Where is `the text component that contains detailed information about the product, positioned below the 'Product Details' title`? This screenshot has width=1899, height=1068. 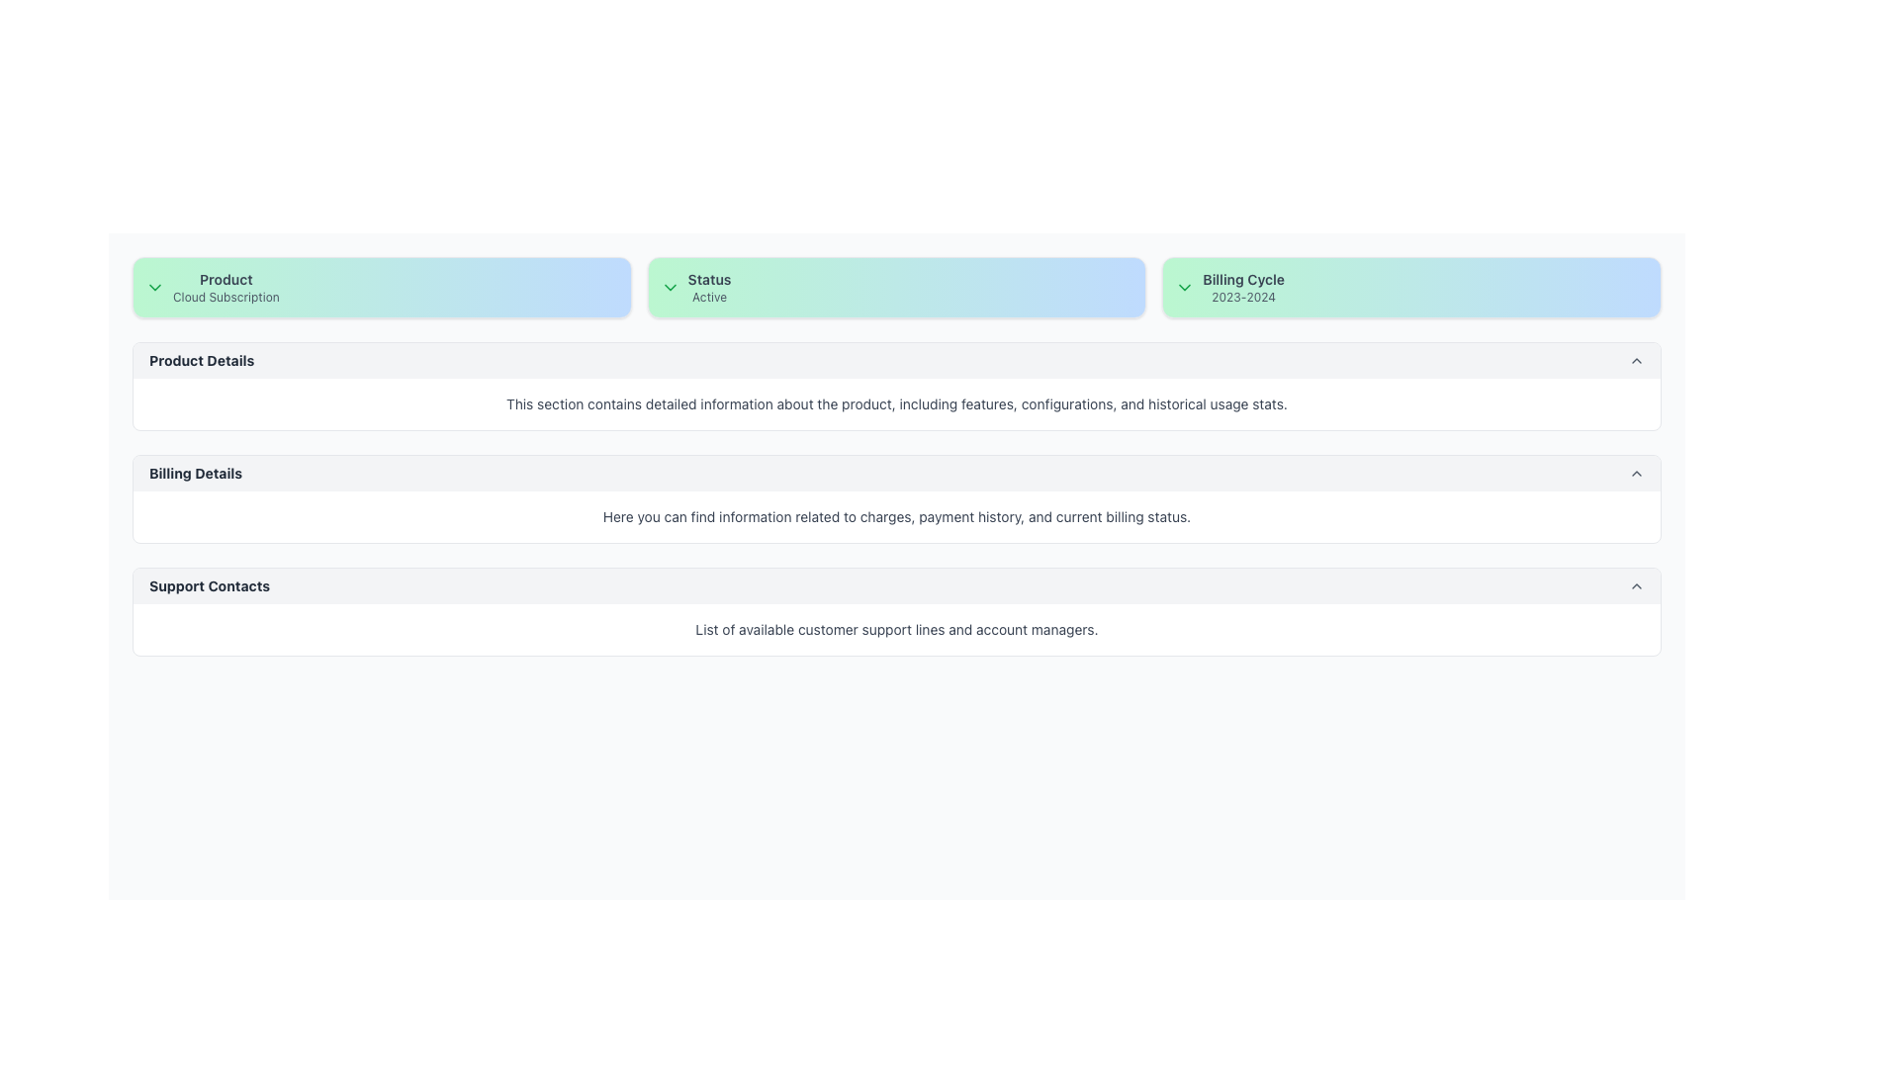
the text component that contains detailed information about the product, positioned below the 'Product Details' title is located at coordinates (896, 402).